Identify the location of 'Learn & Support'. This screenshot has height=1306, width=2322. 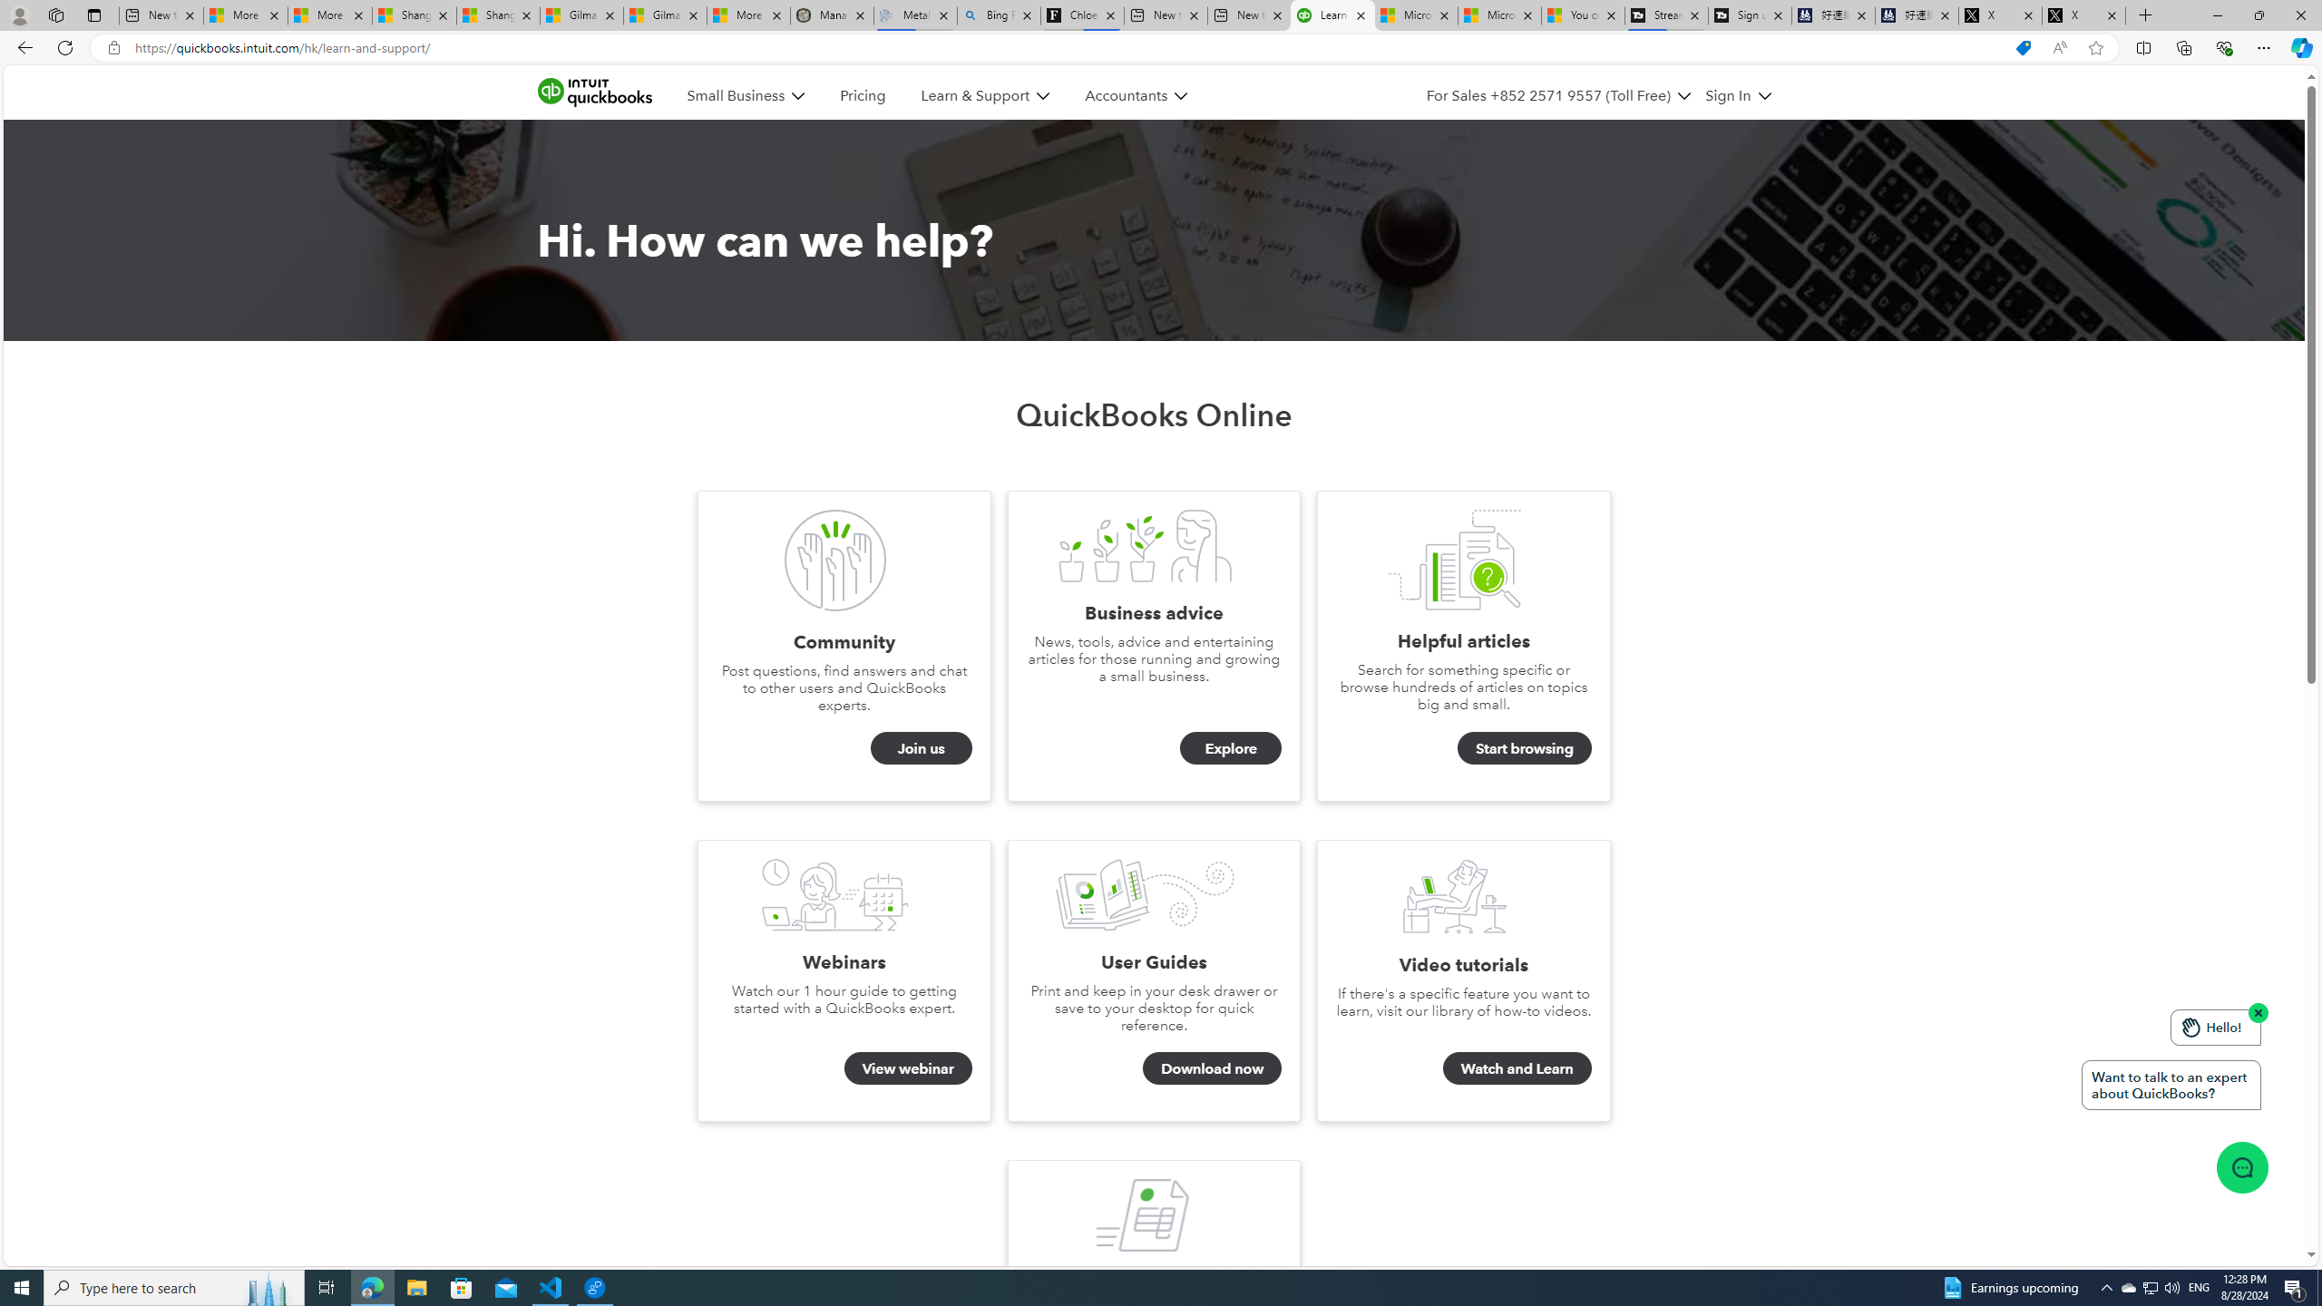
(975, 96).